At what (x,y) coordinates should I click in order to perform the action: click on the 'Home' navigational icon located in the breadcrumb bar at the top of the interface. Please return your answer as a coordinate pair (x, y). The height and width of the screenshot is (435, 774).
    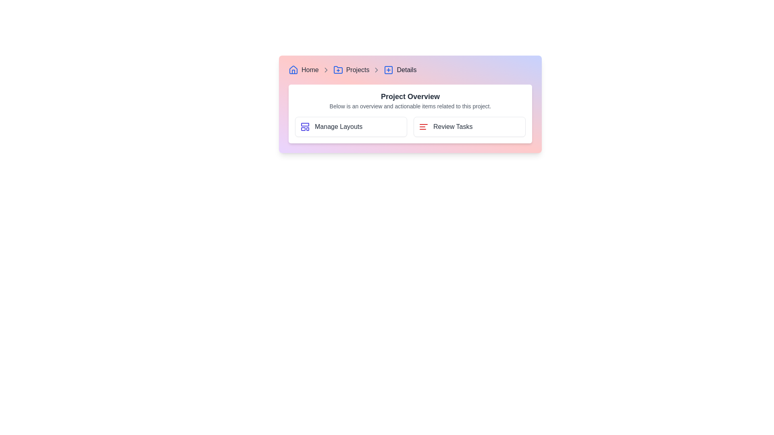
    Looking at the image, I should click on (293, 69).